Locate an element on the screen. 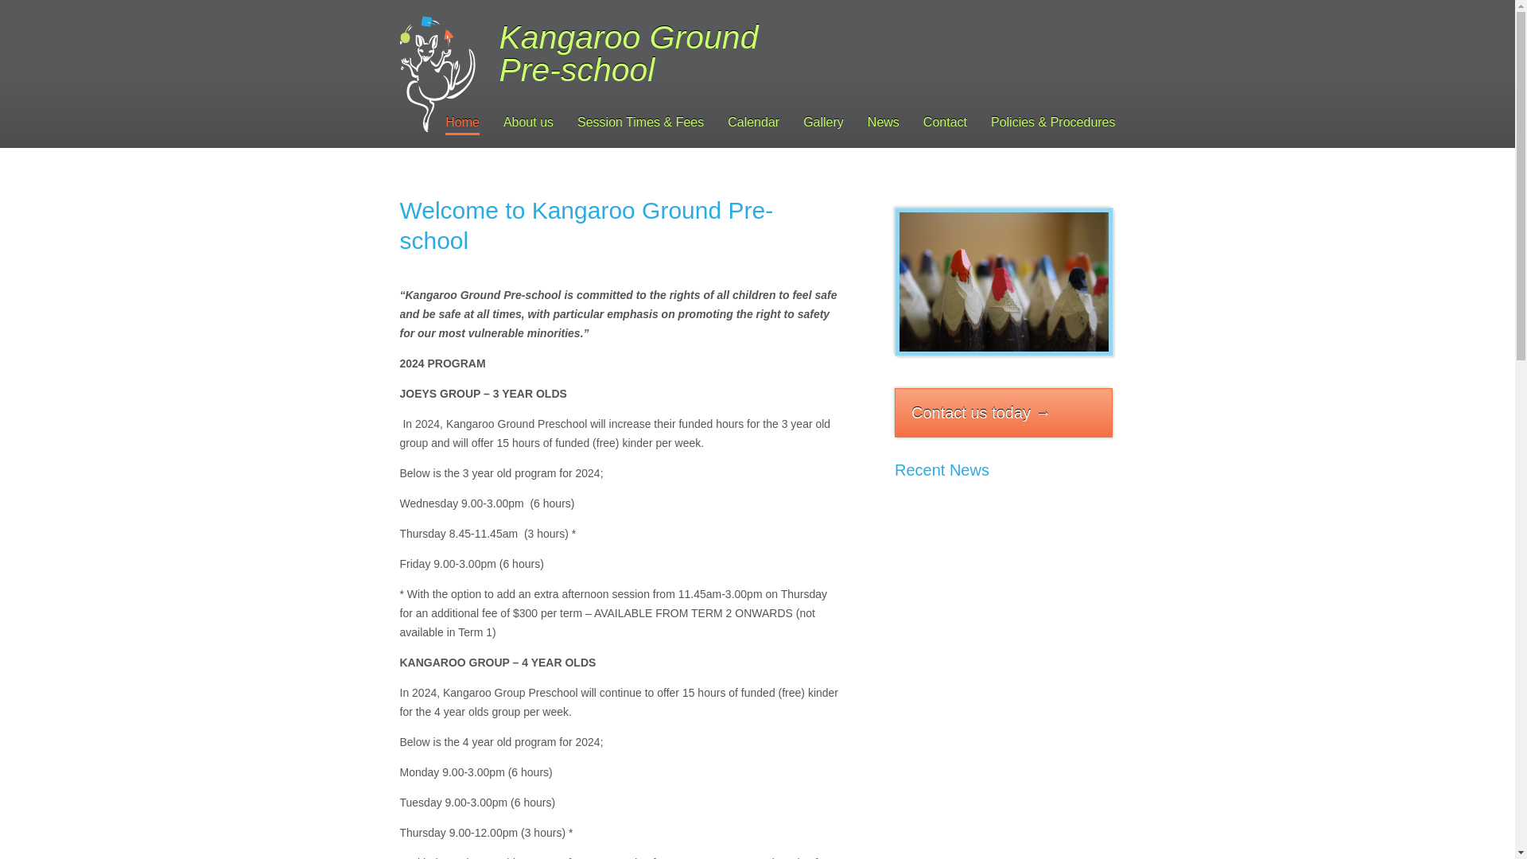 The width and height of the screenshot is (1527, 859). 'Calendar' is located at coordinates (752, 122).